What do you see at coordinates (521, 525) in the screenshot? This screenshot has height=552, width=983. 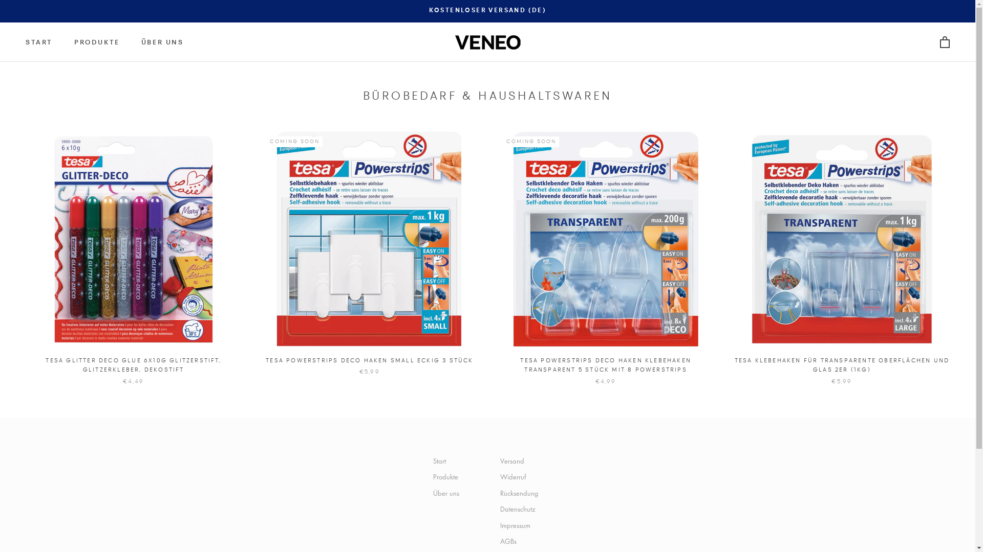 I see `'Impressum'` at bounding box center [521, 525].